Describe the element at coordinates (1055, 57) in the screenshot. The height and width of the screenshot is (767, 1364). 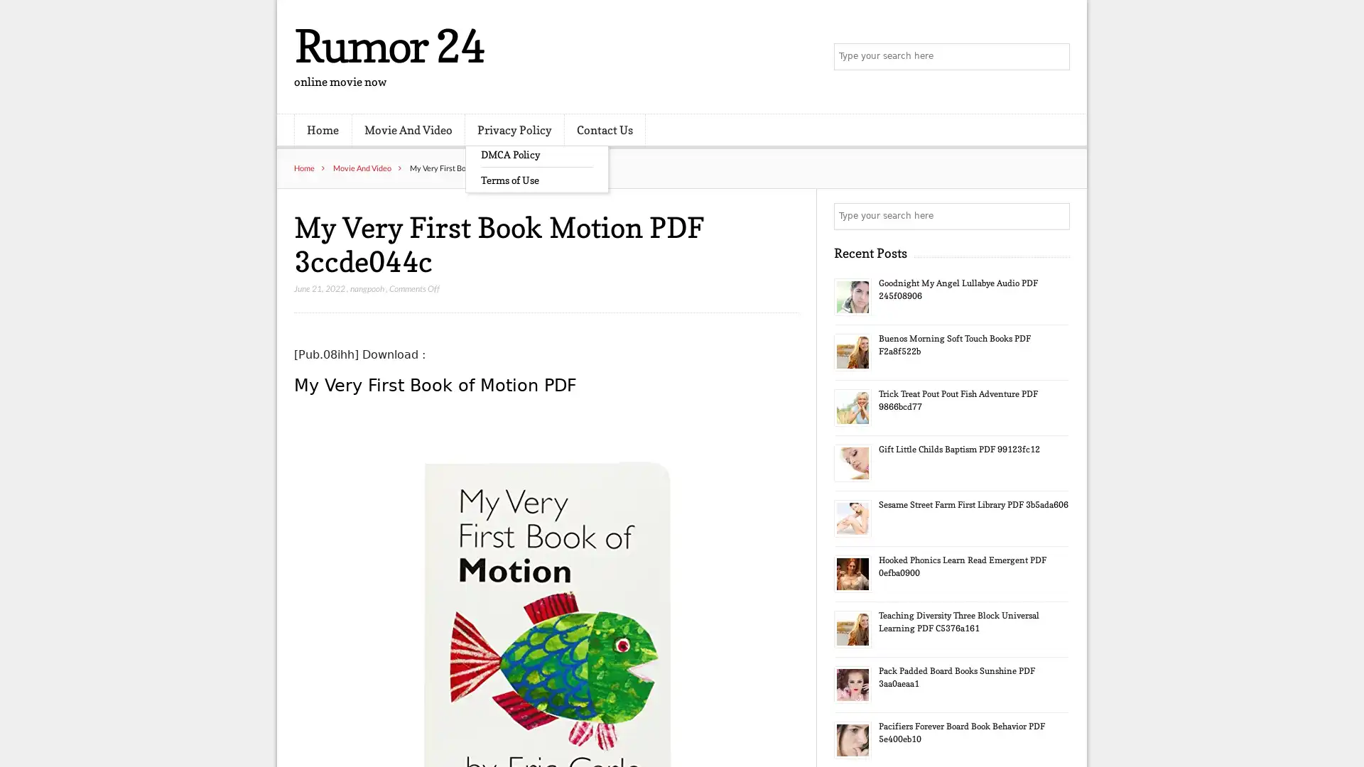
I see `Search` at that location.